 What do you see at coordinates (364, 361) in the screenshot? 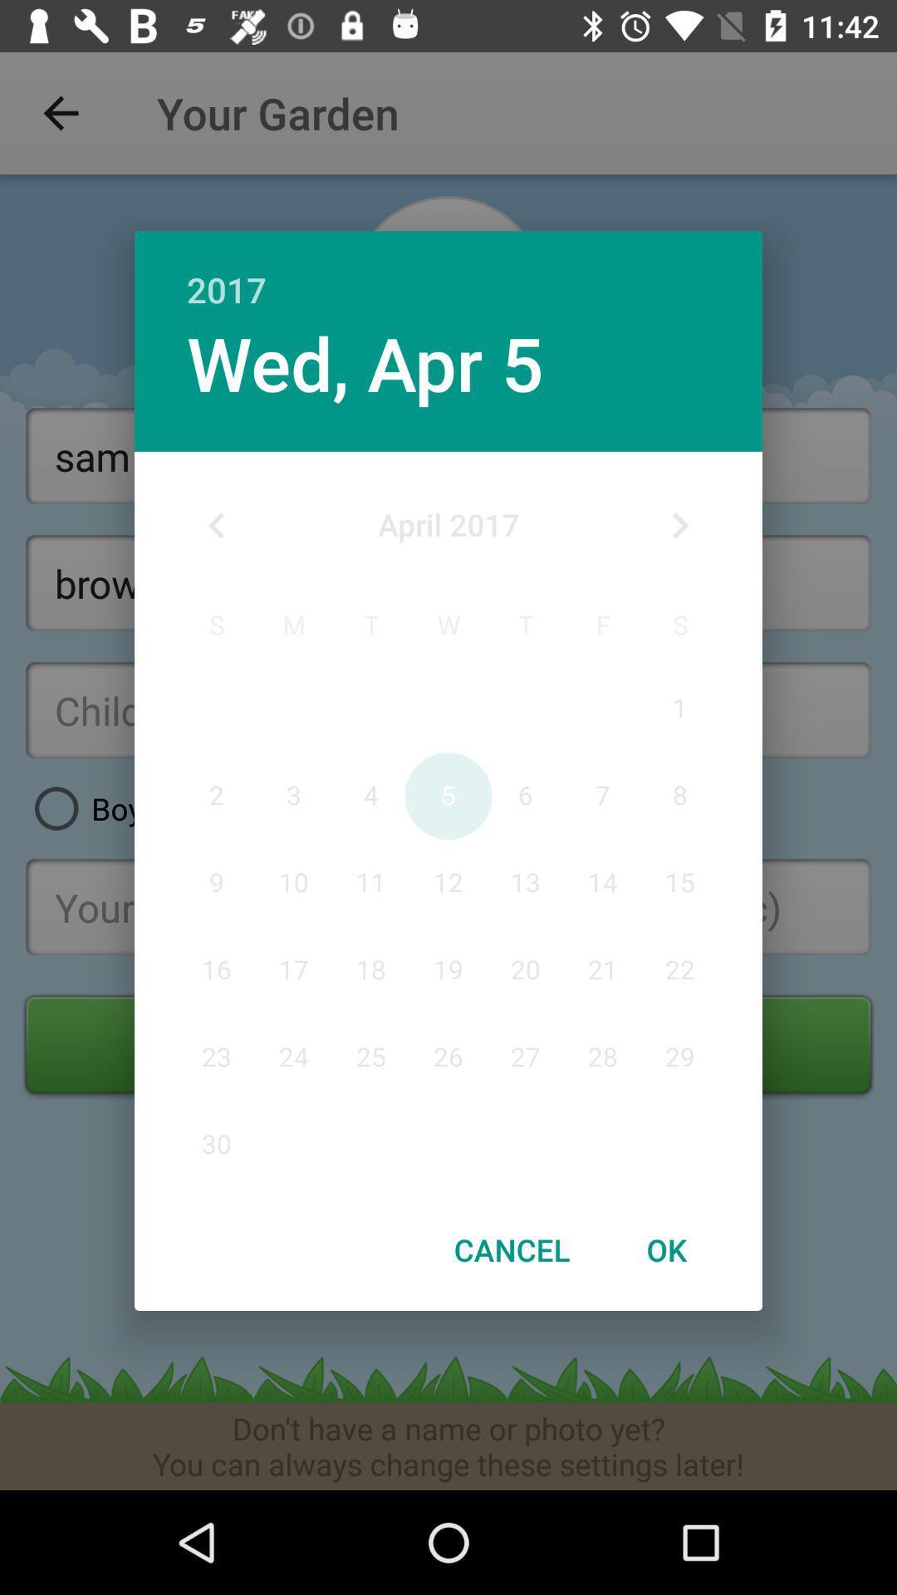
I see `wed, apr 5 item` at bounding box center [364, 361].